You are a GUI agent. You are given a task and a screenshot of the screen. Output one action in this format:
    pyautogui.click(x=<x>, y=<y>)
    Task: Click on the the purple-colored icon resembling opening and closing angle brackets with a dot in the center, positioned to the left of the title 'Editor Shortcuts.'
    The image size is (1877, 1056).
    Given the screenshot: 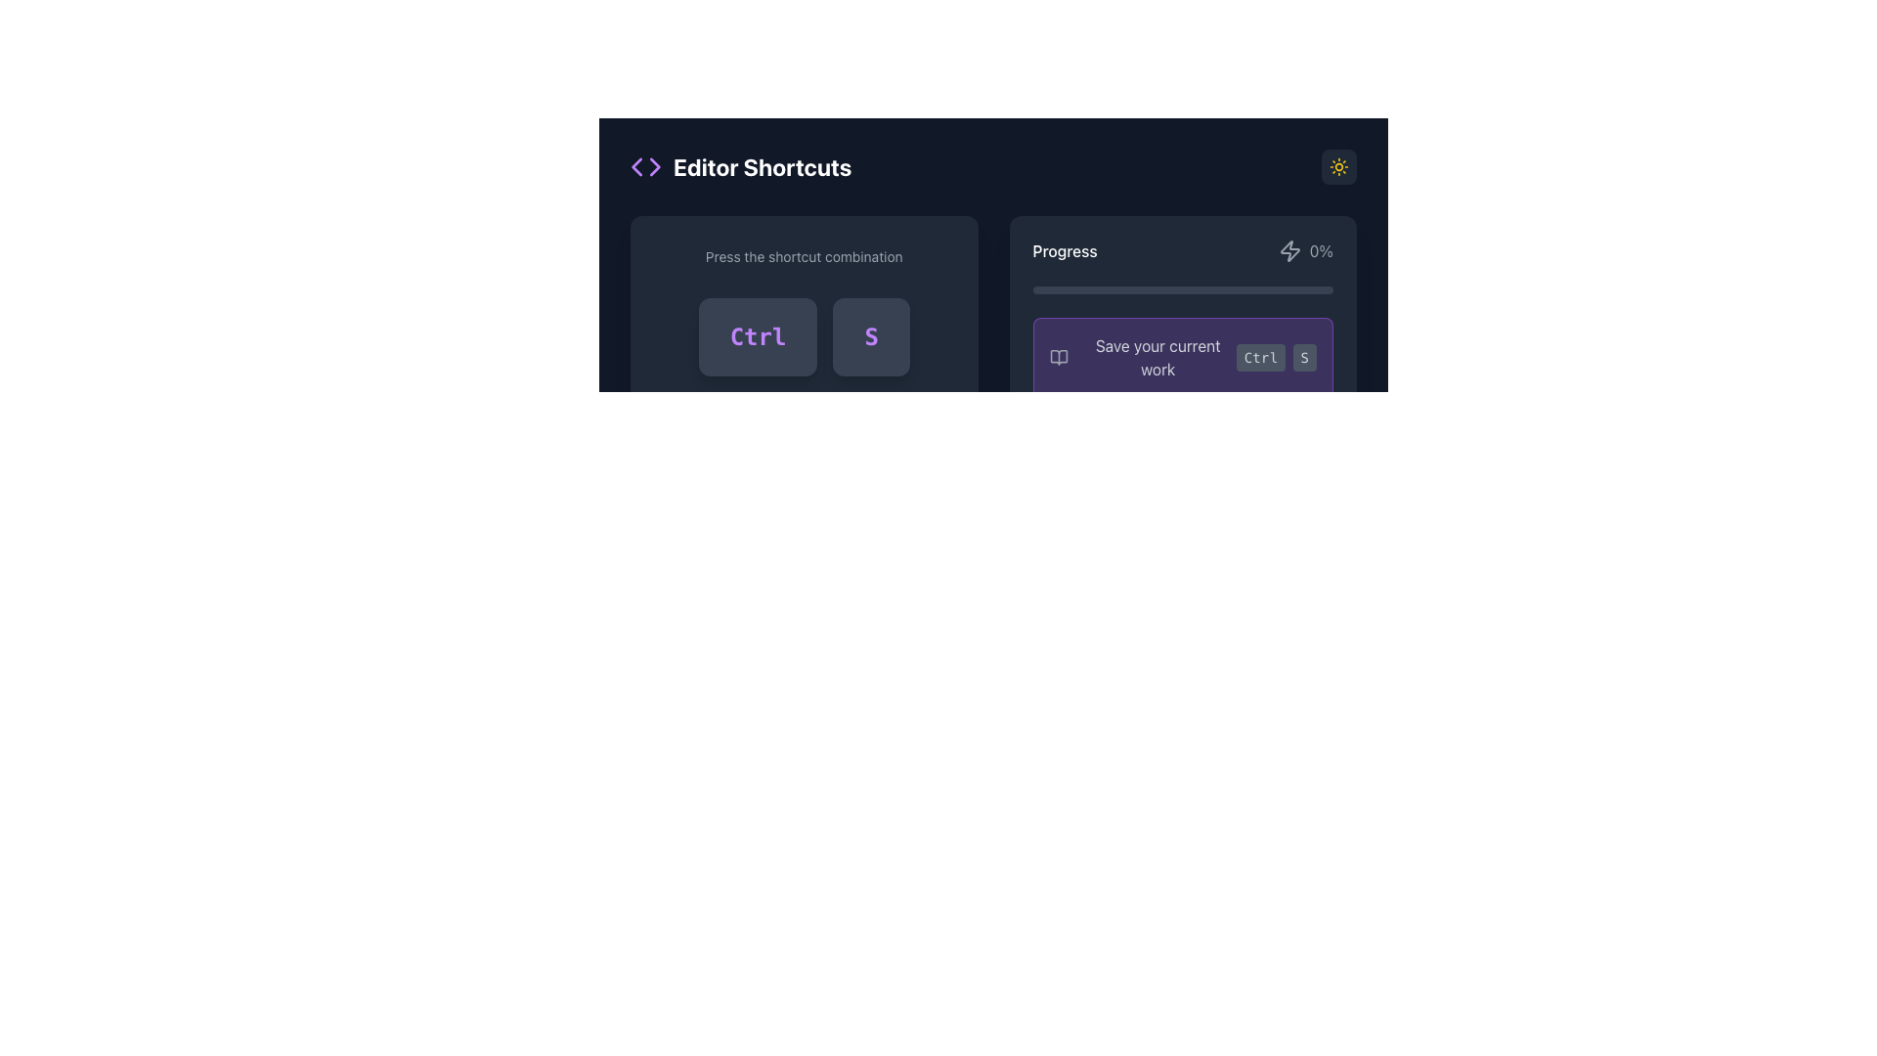 What is the action you would take?
    pyautogui.click(x=646, y=165)
    